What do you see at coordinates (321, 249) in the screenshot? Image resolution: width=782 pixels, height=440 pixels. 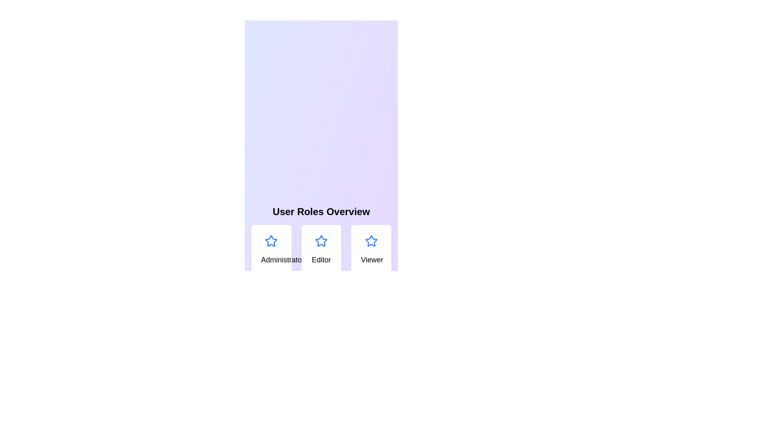 I see `the 'Editor' role card in the 'User Roles Overview' grid` at bounding box center [321, 249].